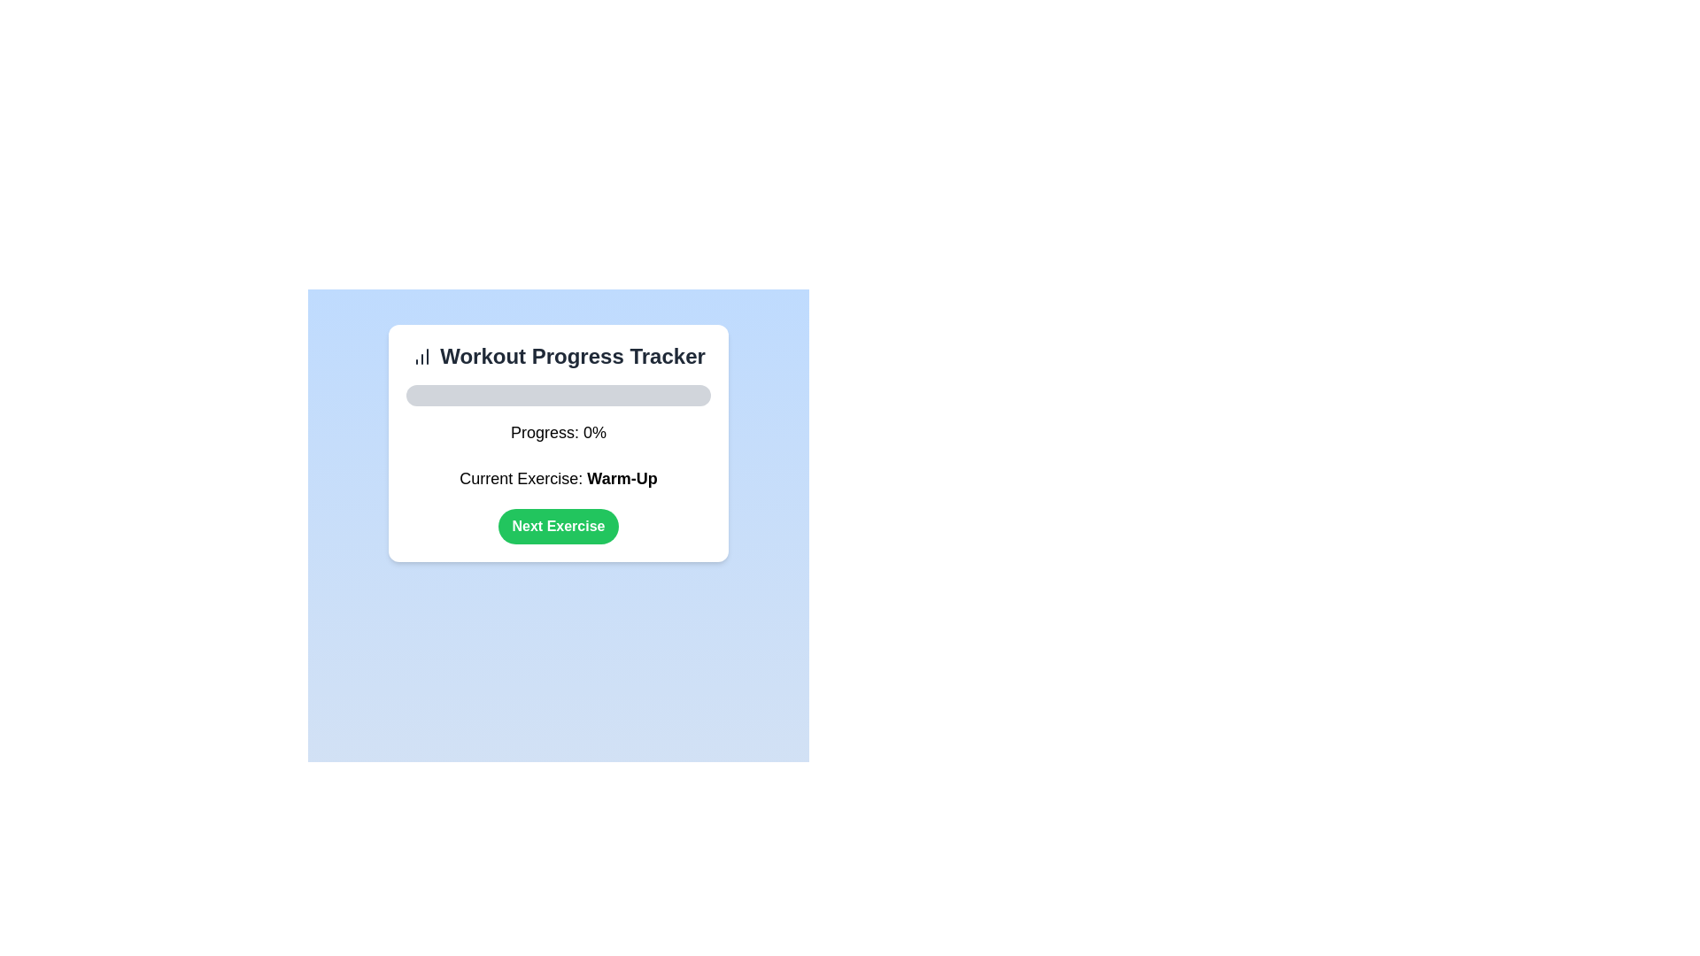 The width and height of the screenshot is (1700, 956). What do you see at coordinates (557, 433) in the screenshot?
I see `the text label that displays the current progress percentage in the progress-tracking interface, located below the progress bar` at bounding box center [557, 433].